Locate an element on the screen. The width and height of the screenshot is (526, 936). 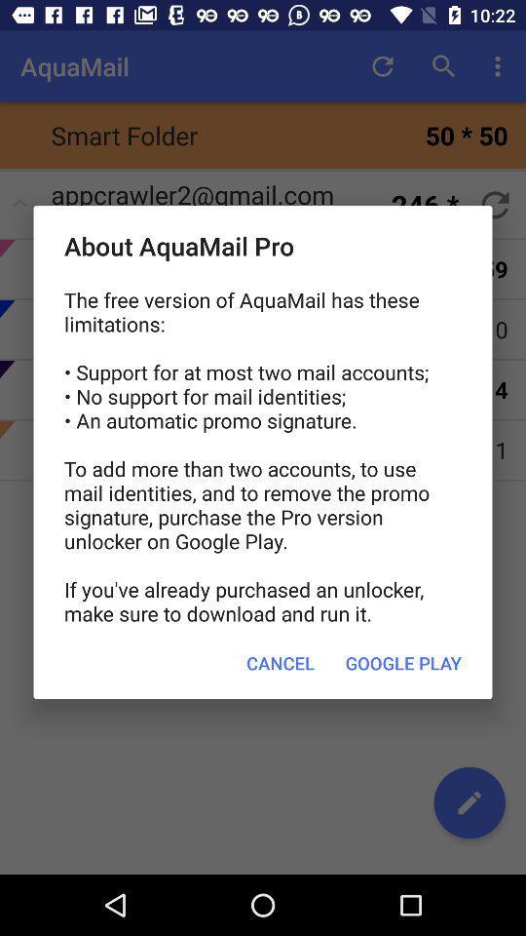
the icon to the left of the google play icon is located at coordinates (280, 663).